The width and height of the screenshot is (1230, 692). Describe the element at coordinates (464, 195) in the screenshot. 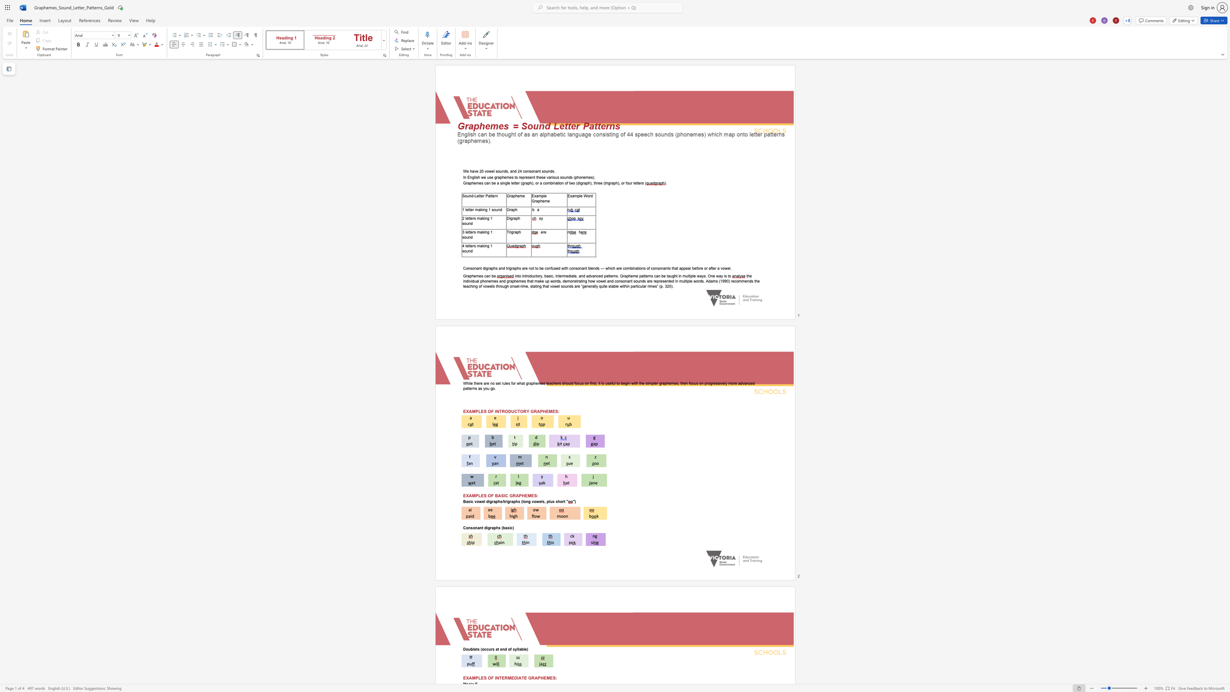

I see `the space between the continuous character "S" and "o" in the text` at that location.